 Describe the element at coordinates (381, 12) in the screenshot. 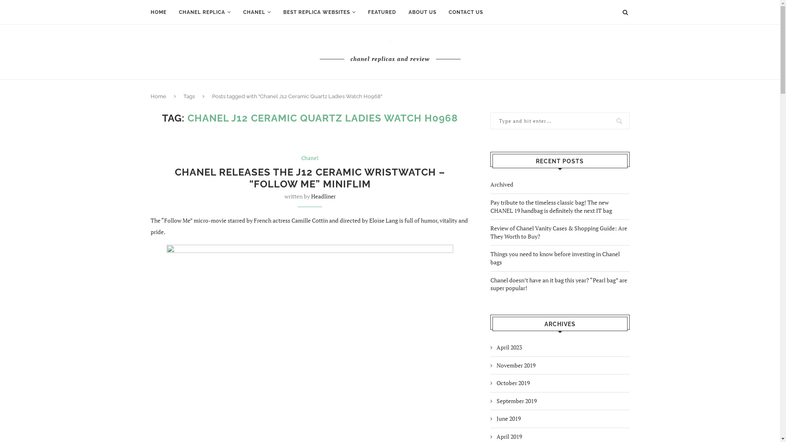

I see `'FEATURED'` at that location.